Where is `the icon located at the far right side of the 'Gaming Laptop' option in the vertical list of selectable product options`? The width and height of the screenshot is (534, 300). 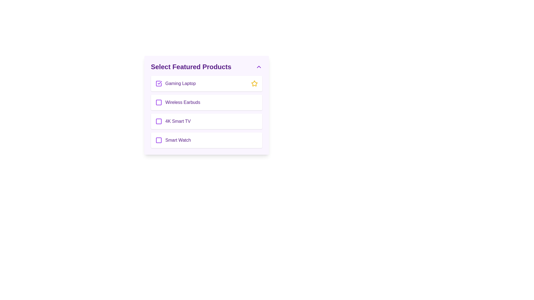
the icon located at the far right side of the 'Gaming Laptop' option in the vertical list of selectable product options is located at coordinates (254, 83).